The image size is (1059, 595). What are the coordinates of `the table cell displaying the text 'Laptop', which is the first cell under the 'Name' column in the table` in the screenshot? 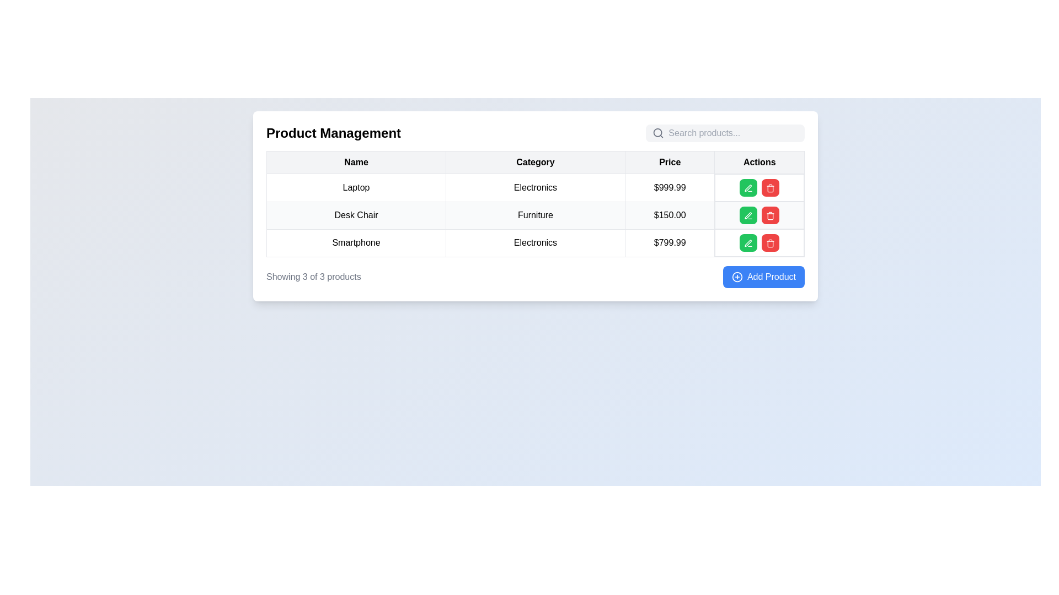 It's located at (356, 187).